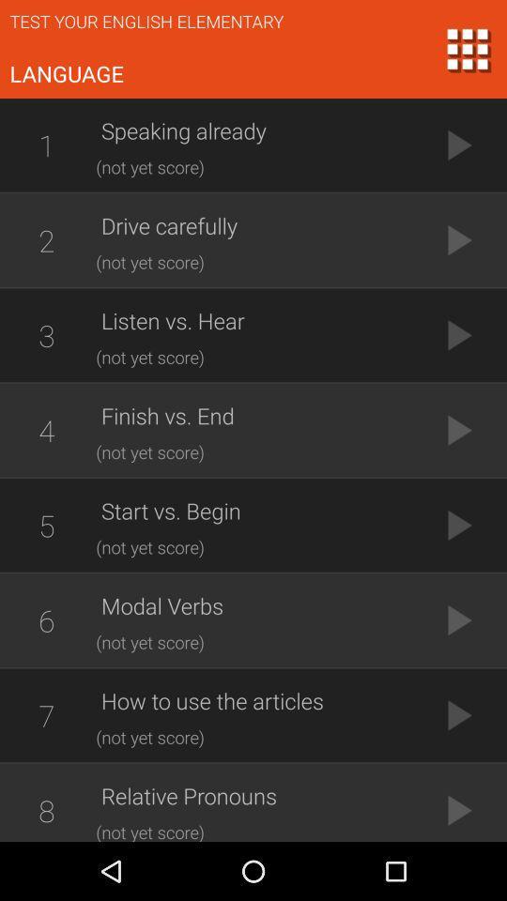 This screenshot has width=507, height=901. What do you see at coordinates (46, 239) in the screenshot?
I see `2 item` at bounding box center [46, 239].